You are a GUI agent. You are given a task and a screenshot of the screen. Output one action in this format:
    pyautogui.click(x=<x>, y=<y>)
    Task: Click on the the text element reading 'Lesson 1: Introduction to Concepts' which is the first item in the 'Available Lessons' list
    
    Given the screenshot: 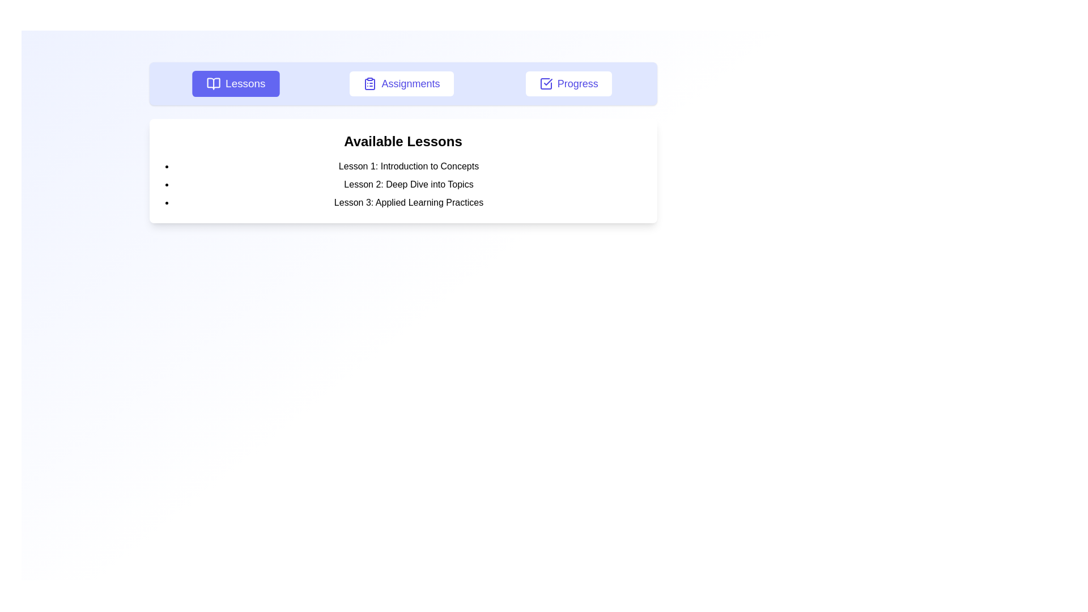 What is the action you would take?
    pyautogui.click(x=408, y=166)
    